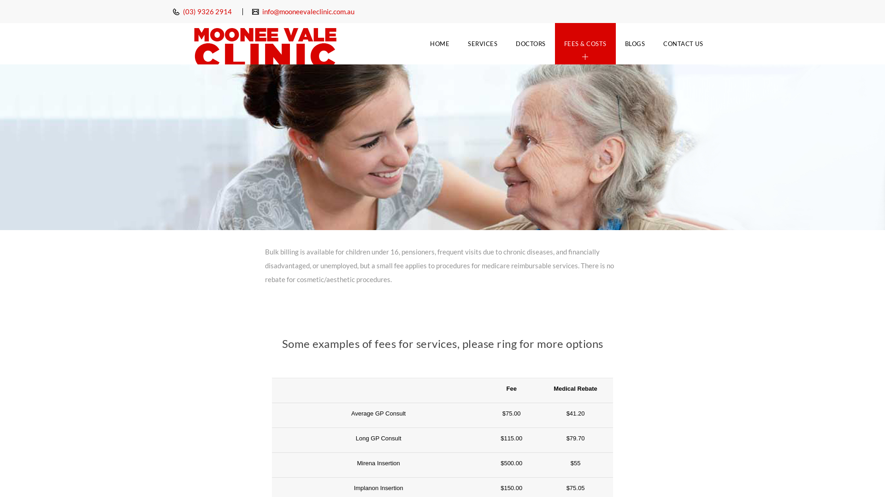 The image size is (885, 497). Describe the element at coordinates (634, 44) in the screenshot. I see `'BLOGS'` at that location.